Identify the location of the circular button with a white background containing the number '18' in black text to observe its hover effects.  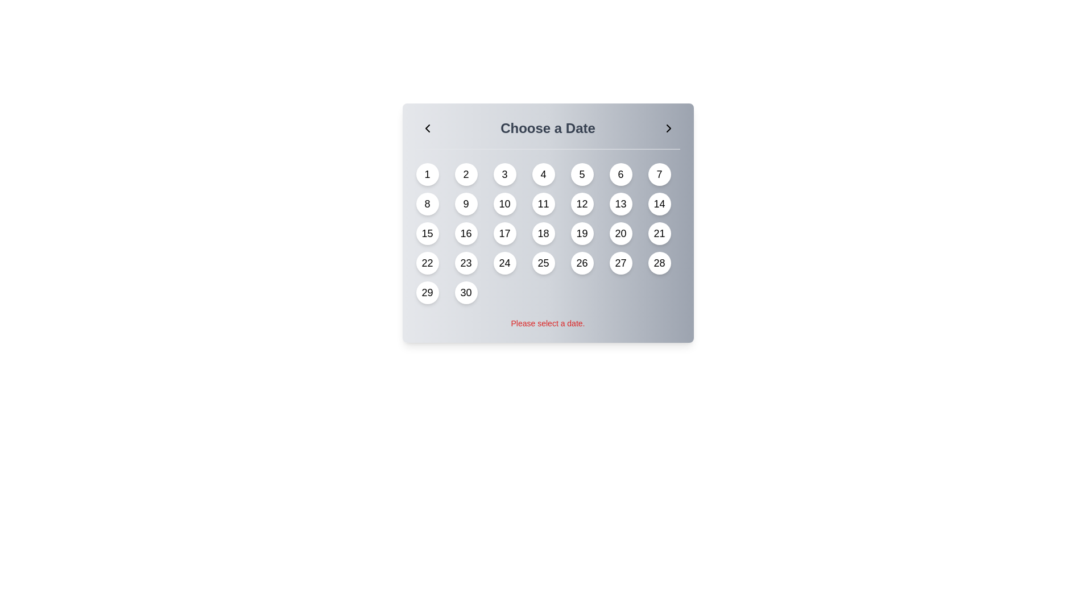
(543, 233).